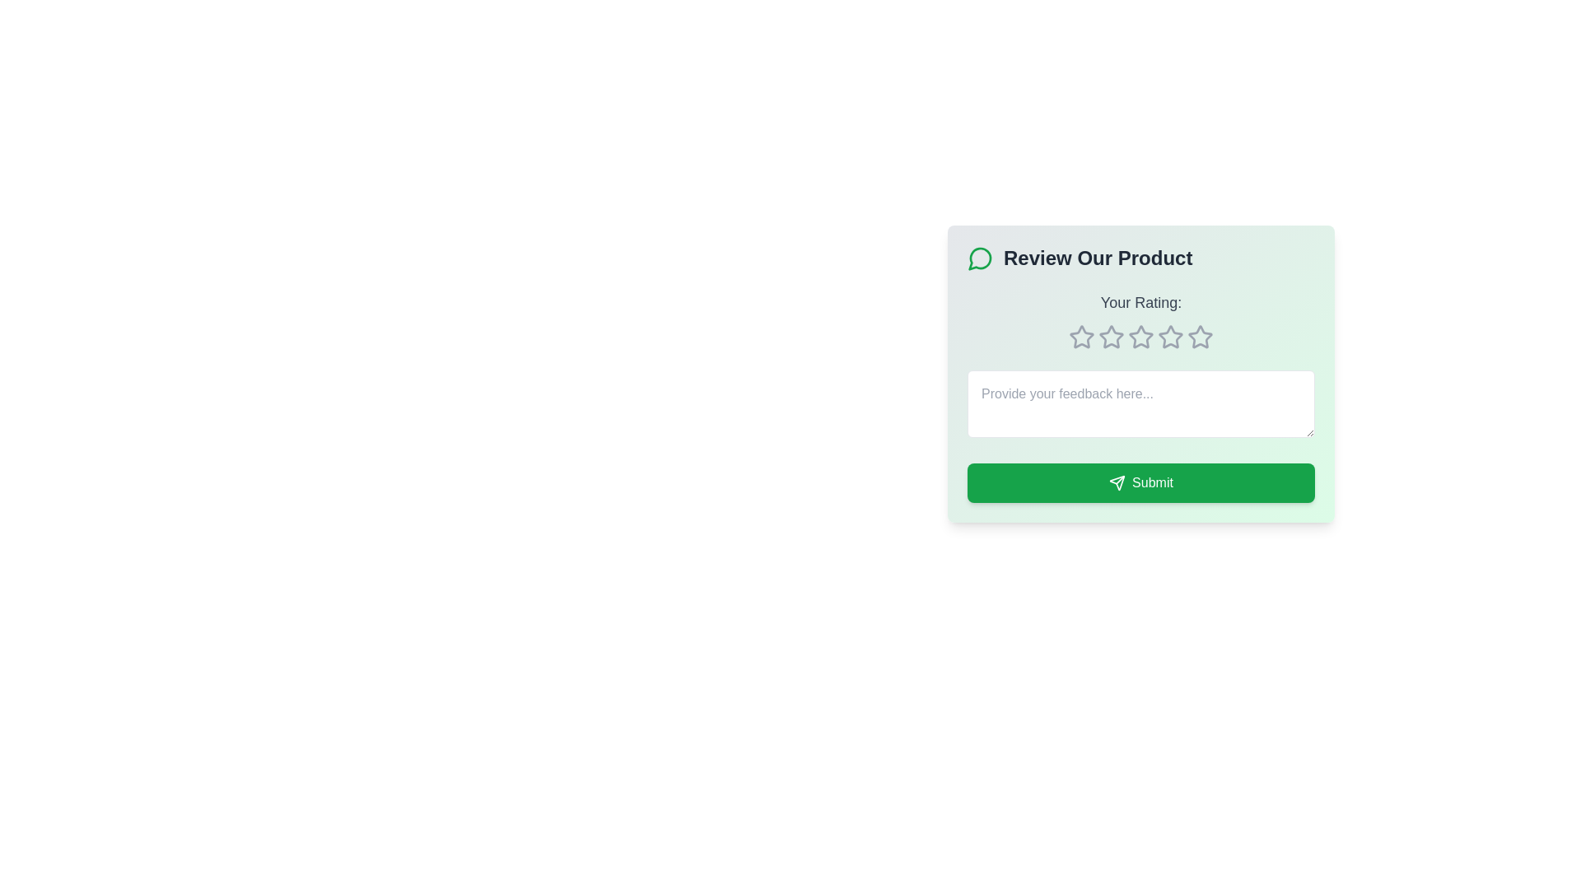  Describe the element at coordinates (1140, 258) in the screenshot. I see `the Text Label with Icon at the top of the product review card, which is the first visual element above the 'Your Rating:' section` at that location.